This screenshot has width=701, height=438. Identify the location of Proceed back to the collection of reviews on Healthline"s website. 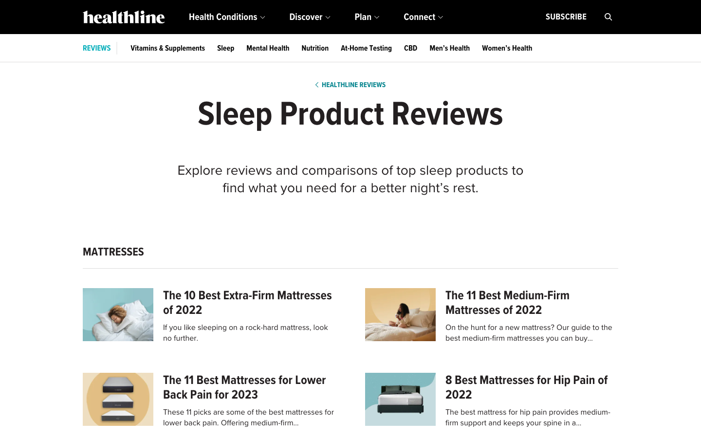
(350, 85).